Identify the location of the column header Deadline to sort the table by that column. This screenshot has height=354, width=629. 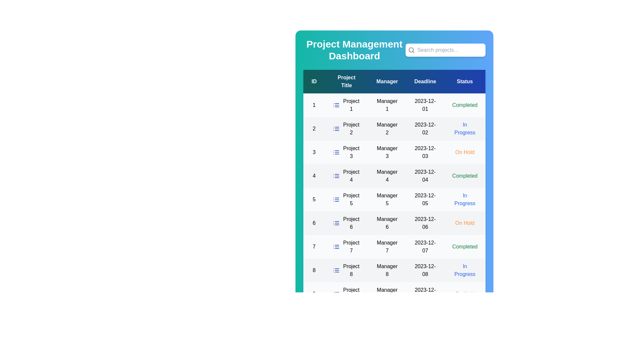
(425, 81).